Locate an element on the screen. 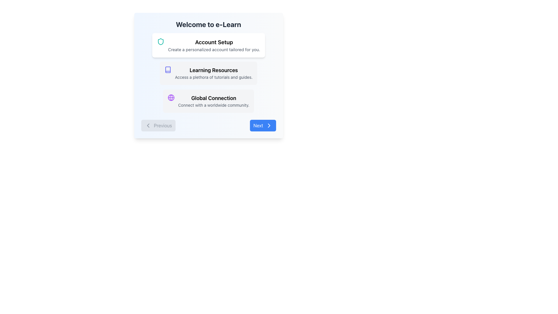 This screenshot has width=558, height=314. the 'Account Setup' text block, which serves as a title and description for the account setup section, positioned centrally in the card design layout is located at coordinates (214, 45).